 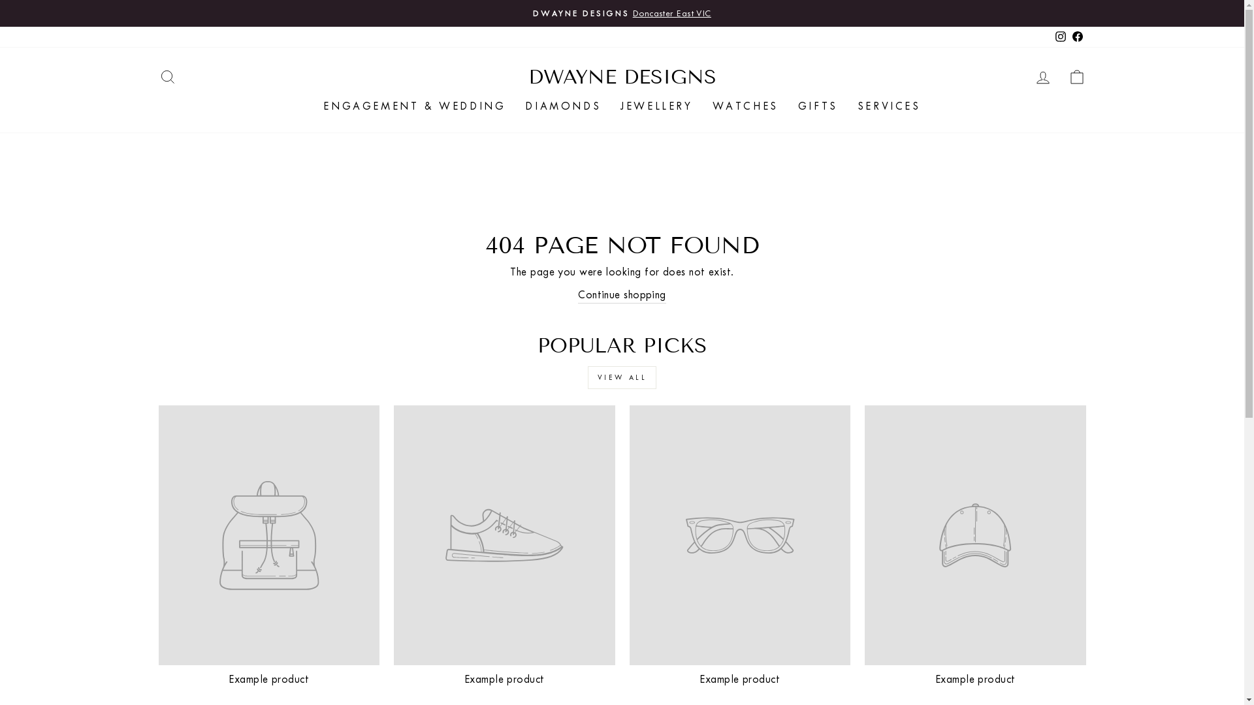 I want to click on 'ENGAGEMENT & WEDDING', so click(x=413, y=105).